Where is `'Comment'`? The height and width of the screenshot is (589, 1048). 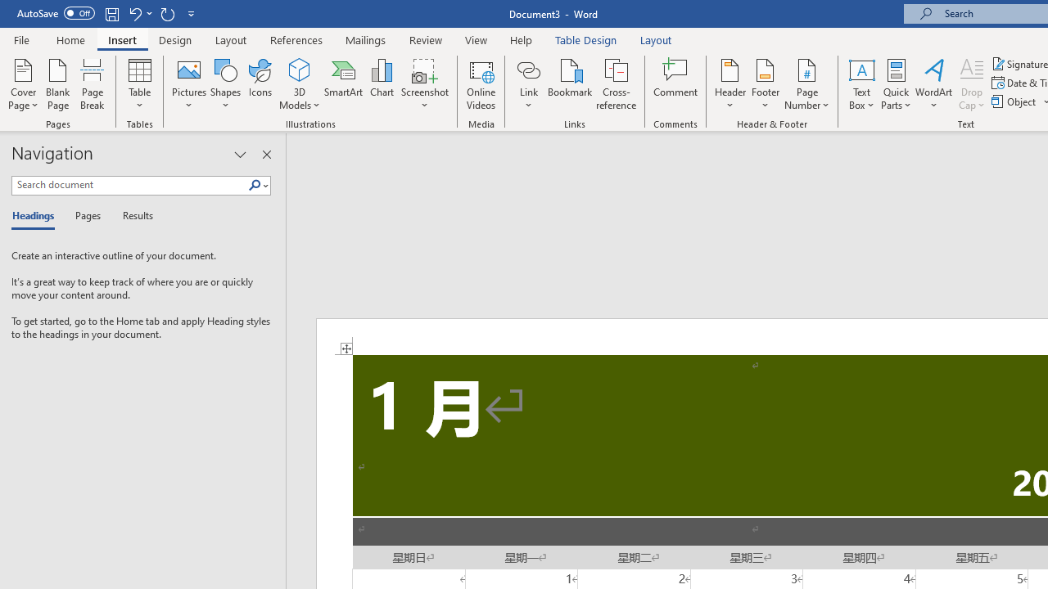
'Comment' is located at coordinates (675, 84).